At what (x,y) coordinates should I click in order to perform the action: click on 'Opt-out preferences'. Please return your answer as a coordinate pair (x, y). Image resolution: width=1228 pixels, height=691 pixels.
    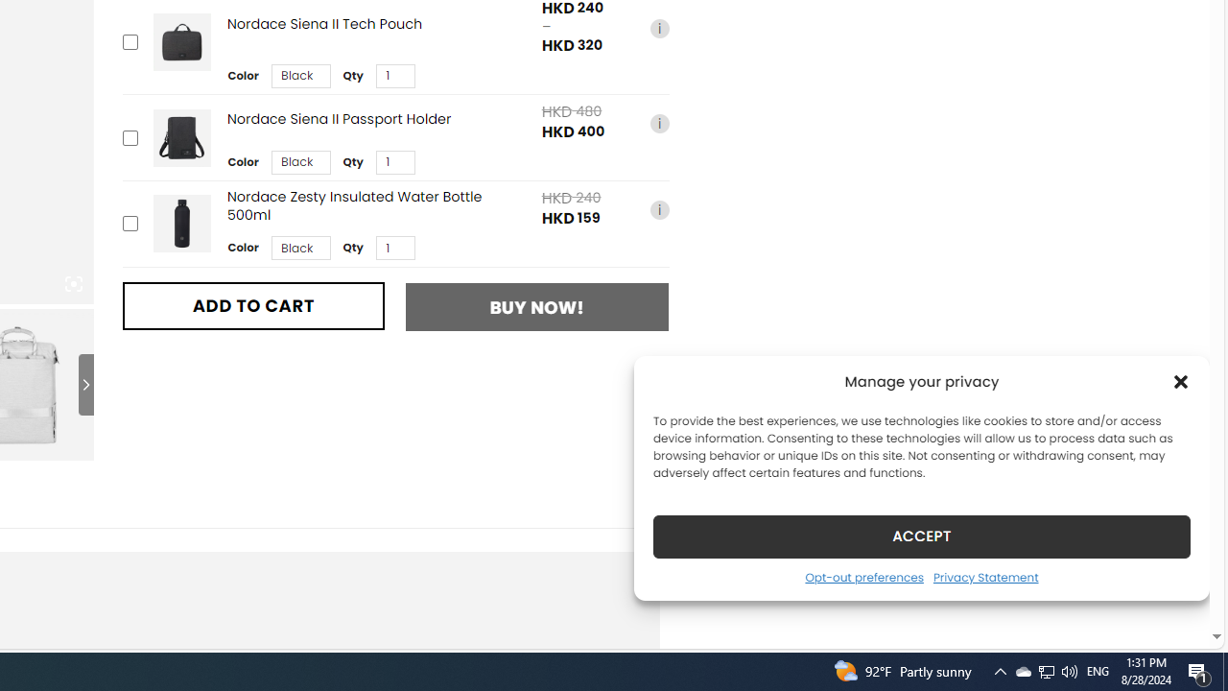
    Looking at the image, I should click on (862, 576).